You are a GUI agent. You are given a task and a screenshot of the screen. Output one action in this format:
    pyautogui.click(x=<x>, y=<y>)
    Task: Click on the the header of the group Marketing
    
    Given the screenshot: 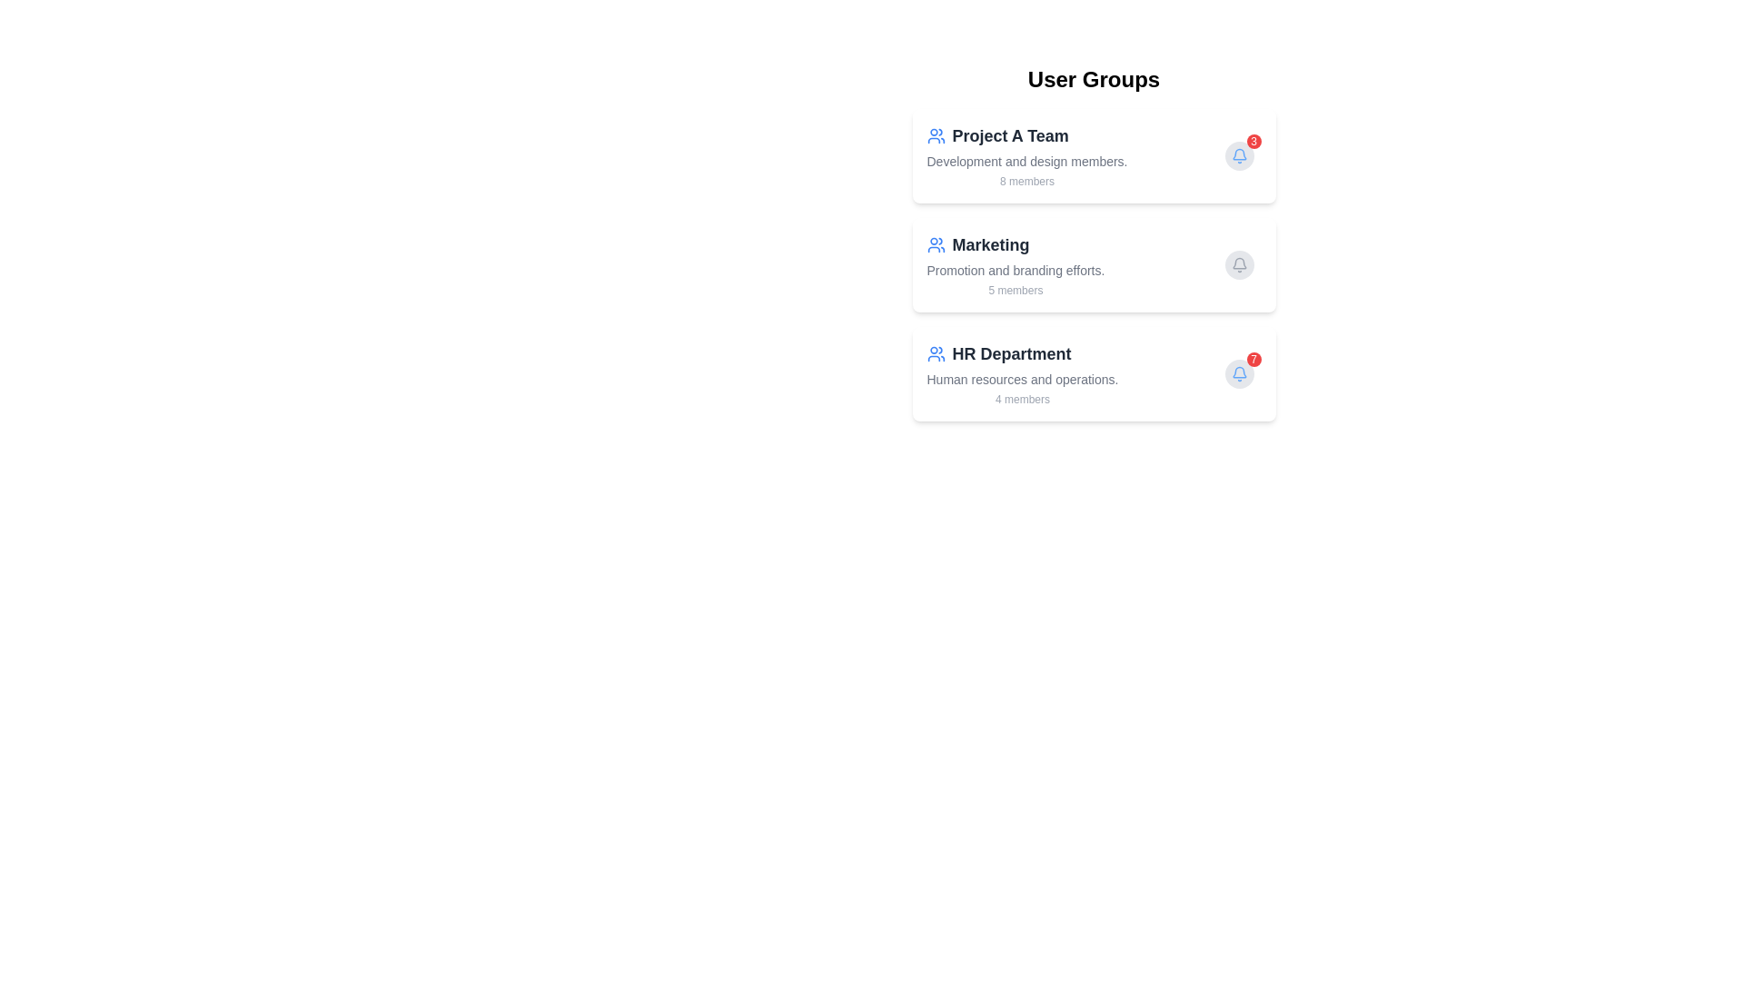 What is the action you would take?
    pyautogui.click(x=1015, y=245)
    